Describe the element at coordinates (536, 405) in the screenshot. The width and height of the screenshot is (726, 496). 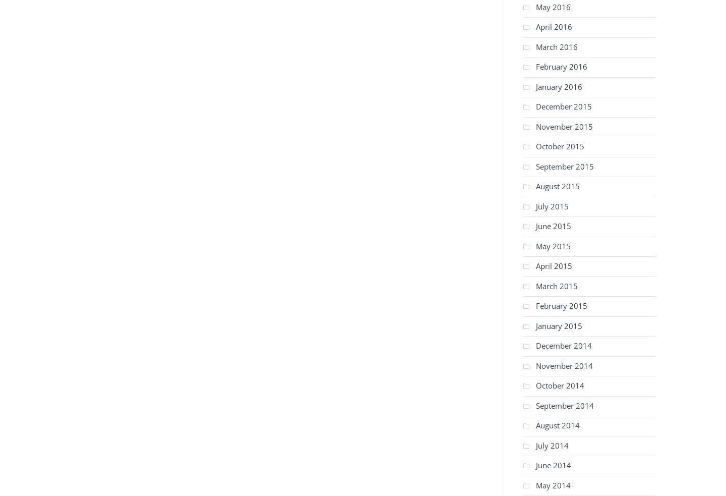
I see `'September 2014'` at that location.